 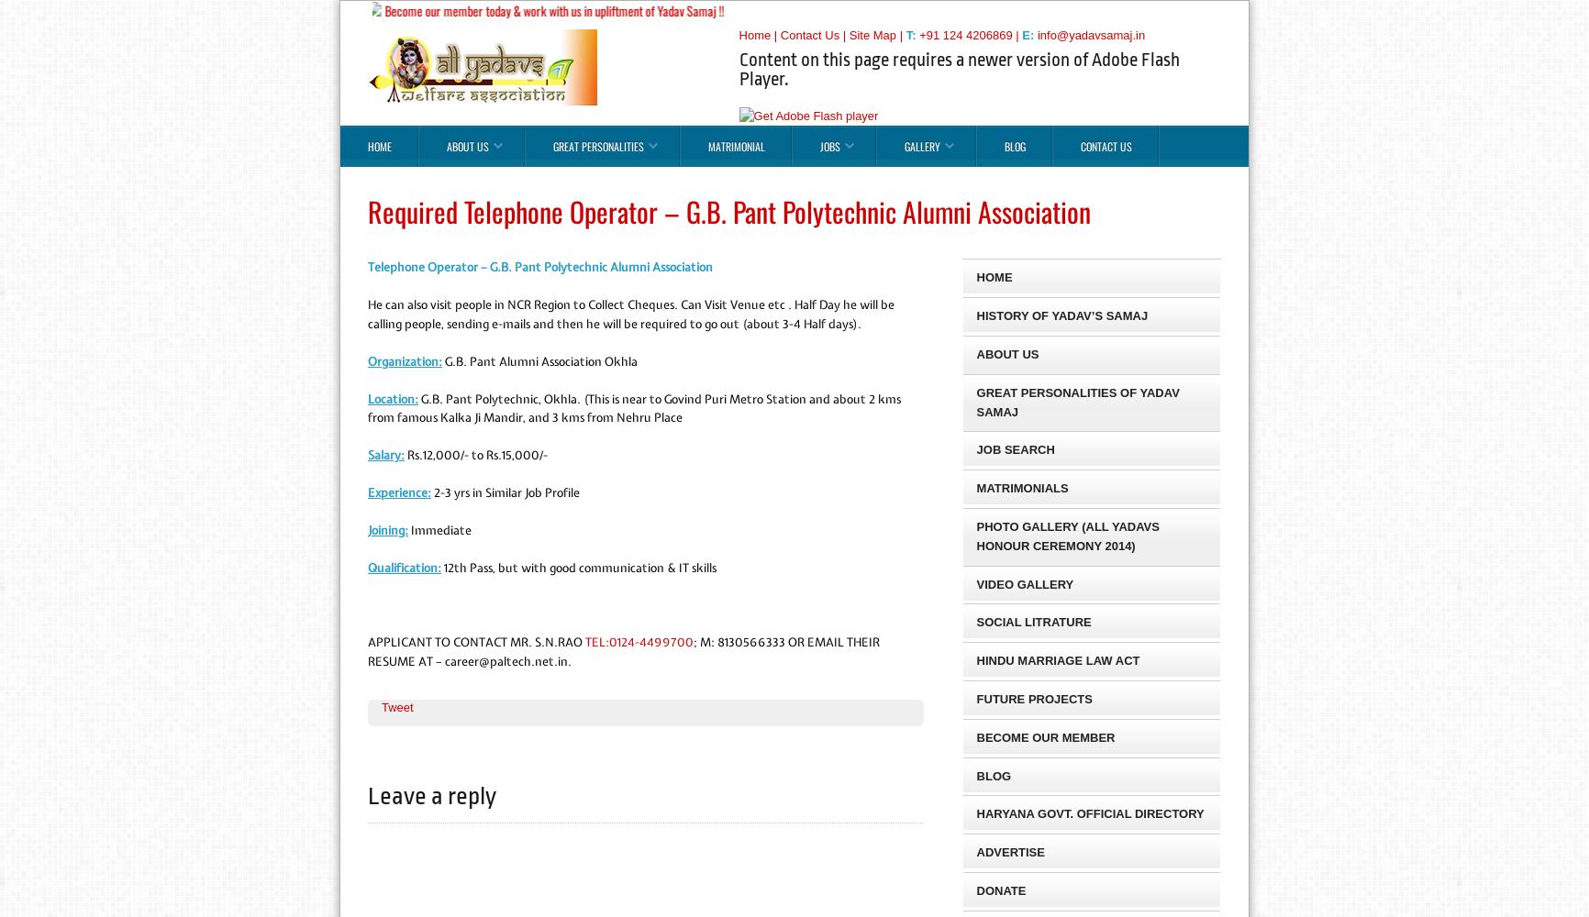 What do you see at coordinates (728, 210) in the screenshot?
I see `'Required Telephone Operator – G.B. Pant Polytechnic Alumni Association'` at bounding box center [728, 210].